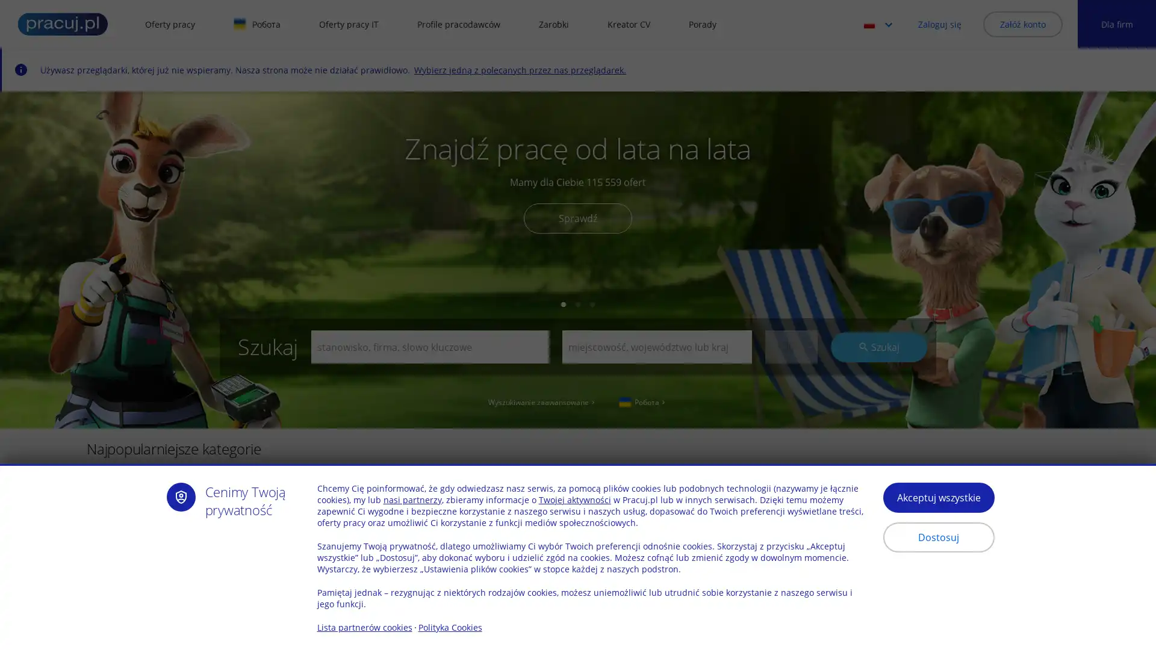  Describe the element at coordinates (881, 23) in the screenshot. I see `pl` at that location.